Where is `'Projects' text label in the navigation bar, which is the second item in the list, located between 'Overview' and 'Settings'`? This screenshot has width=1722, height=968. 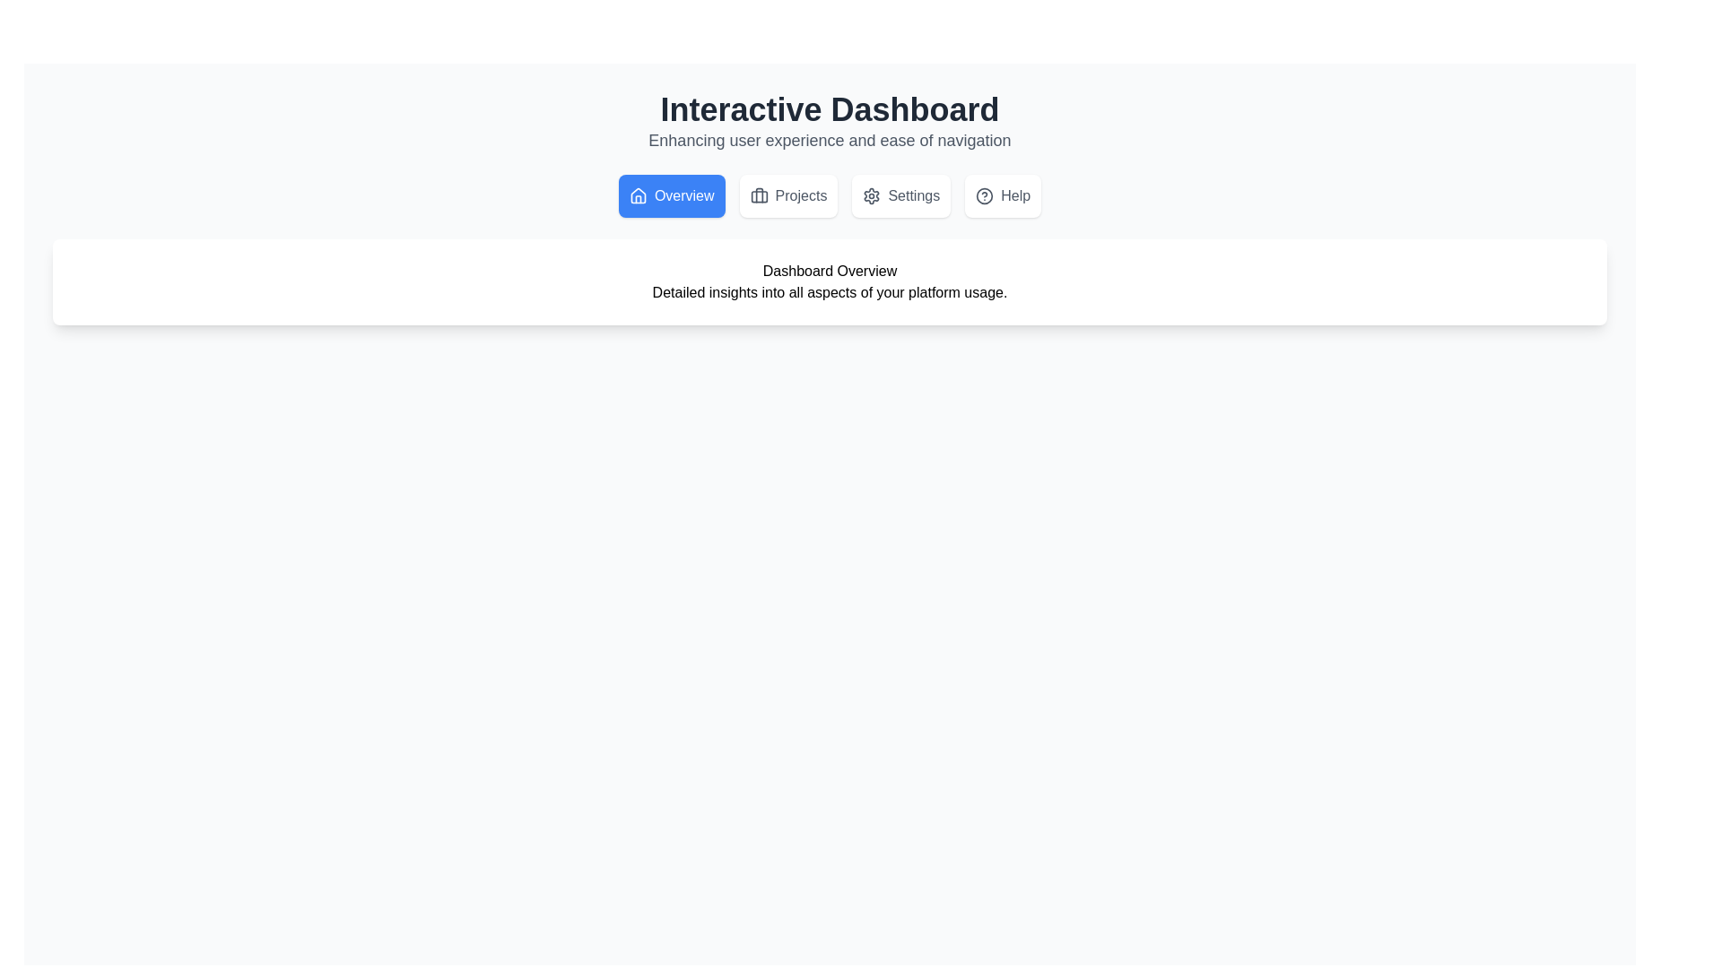 'Projects' text label in the navigation bar, which is the second item in the list, located between 'Overview' and 'Settings' is located at coordinates (800, 196).